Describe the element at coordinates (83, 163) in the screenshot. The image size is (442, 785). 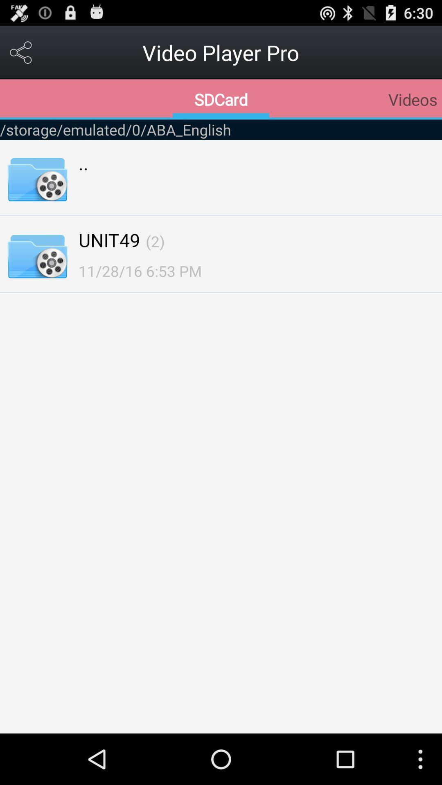
I see `icon above unit49` at that location.